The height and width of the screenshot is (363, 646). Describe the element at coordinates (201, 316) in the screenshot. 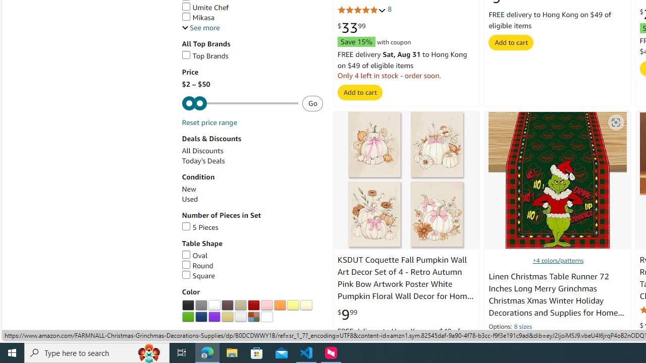

I see `'AutomationID: p_n_feature_twenty_browse-bin/3254109011'` at that location.